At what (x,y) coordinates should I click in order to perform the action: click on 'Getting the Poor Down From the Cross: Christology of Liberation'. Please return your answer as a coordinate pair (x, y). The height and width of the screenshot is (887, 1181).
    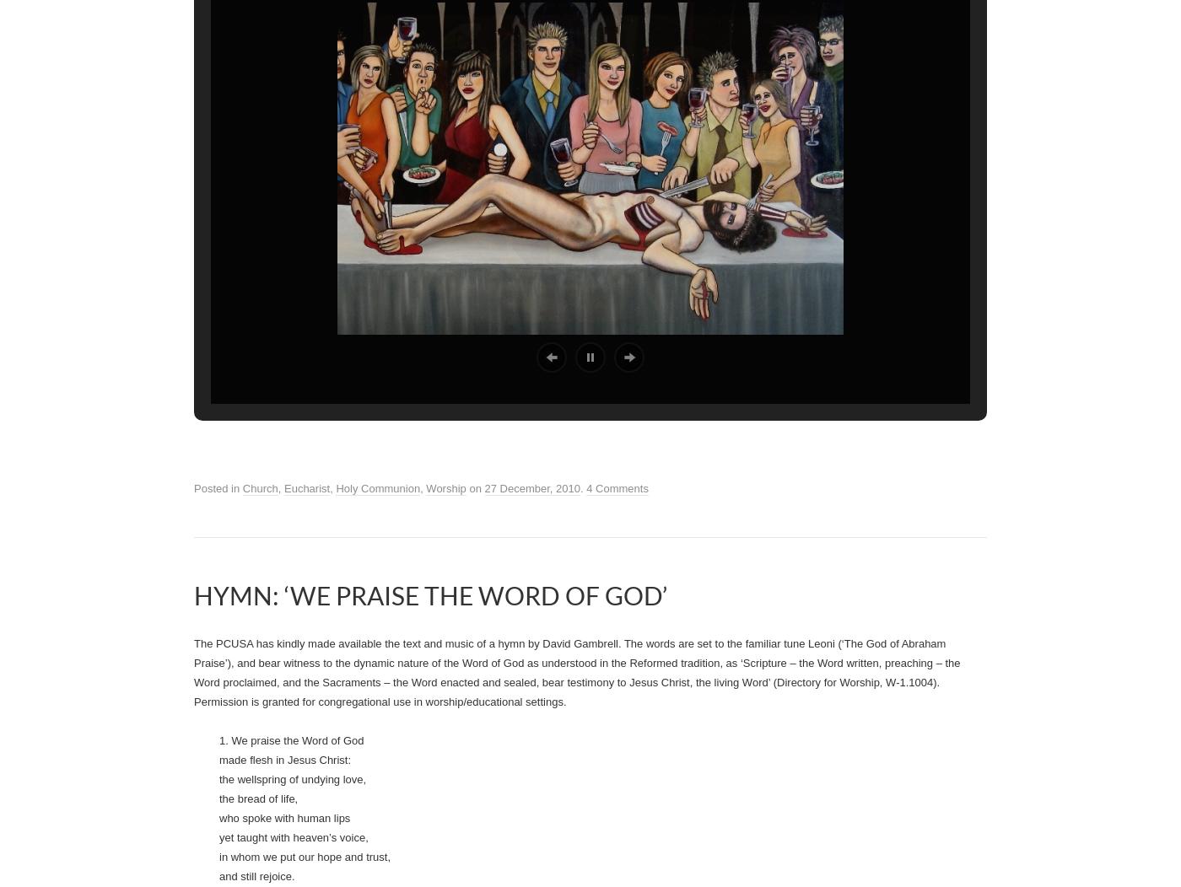
    Looking at the image, I should click on (697, 67).